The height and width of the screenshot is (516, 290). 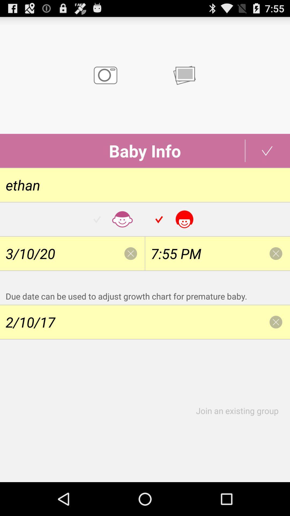 What do you see at coordinates (114, 219) in the screenshot?
I see `boy icon below ethan` at bounding box center [114, 219].